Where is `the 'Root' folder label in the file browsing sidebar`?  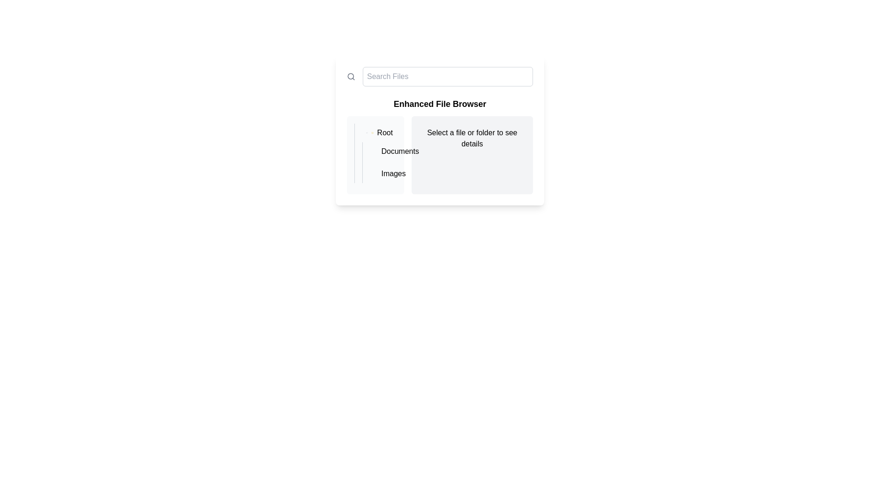
the 'Root' folder label in the file browsing sidebar is located at coordinates (379, 132).